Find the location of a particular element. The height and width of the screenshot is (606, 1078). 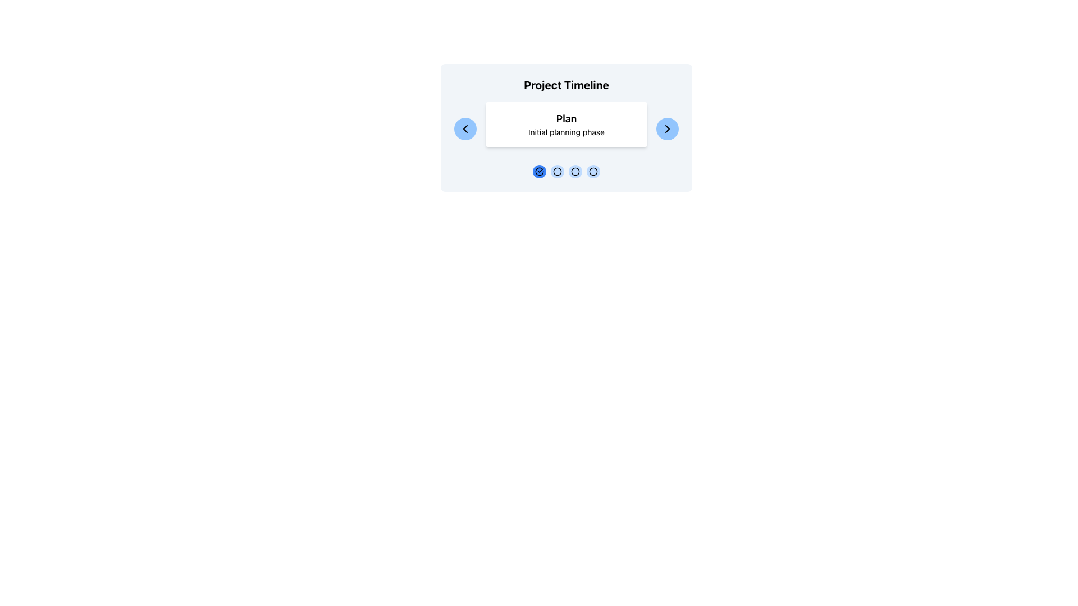

the topmost text label in the white card that indicates the specific phase or topic in the horizontally scrollable timeline interface is located at coordinates (566, 119).